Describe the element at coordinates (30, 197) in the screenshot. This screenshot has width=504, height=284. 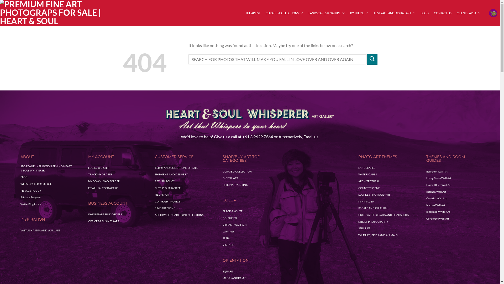
I see `'Affiliate Program'` at that location.